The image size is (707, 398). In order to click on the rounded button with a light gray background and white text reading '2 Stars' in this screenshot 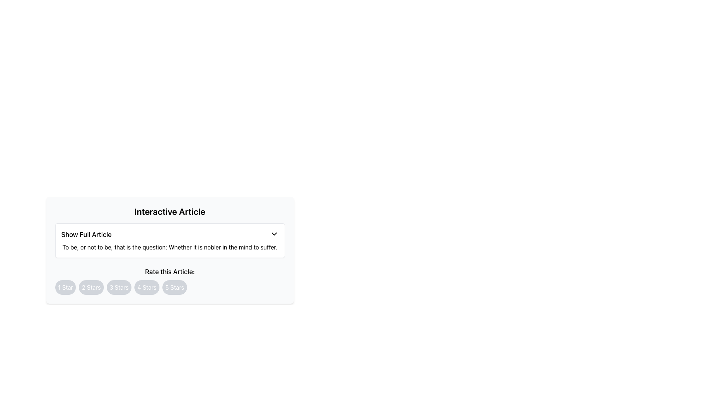, I will do `click(91, 287)`.